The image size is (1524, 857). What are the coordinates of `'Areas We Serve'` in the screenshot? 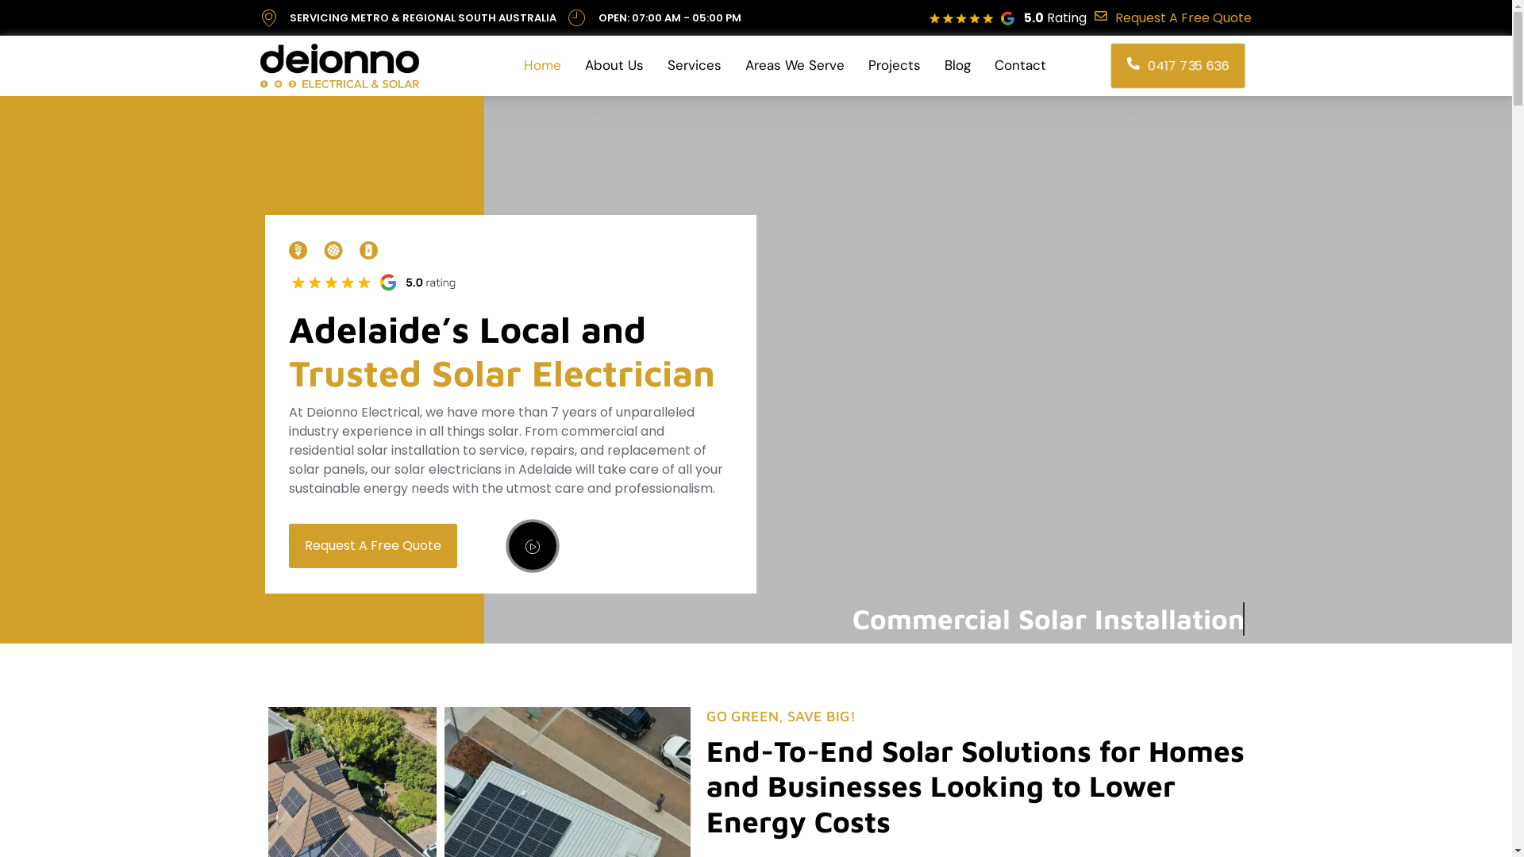 It's located at (795, 65).